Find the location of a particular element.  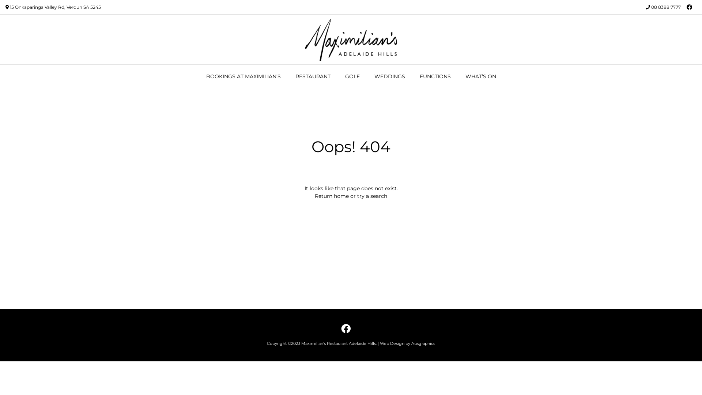

'WEDDINGS' is located at coordinates (389, 76).